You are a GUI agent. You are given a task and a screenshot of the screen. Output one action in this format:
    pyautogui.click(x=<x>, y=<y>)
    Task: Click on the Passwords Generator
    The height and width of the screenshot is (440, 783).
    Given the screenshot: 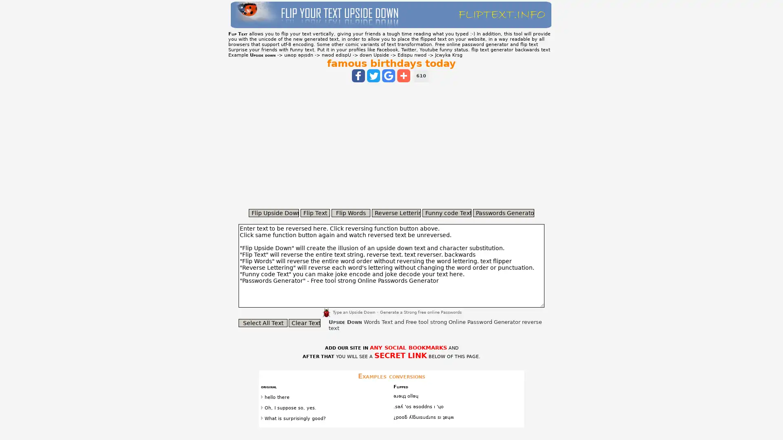 What is the action you would take?
    pyautogui.click(x=503, y=213)
    